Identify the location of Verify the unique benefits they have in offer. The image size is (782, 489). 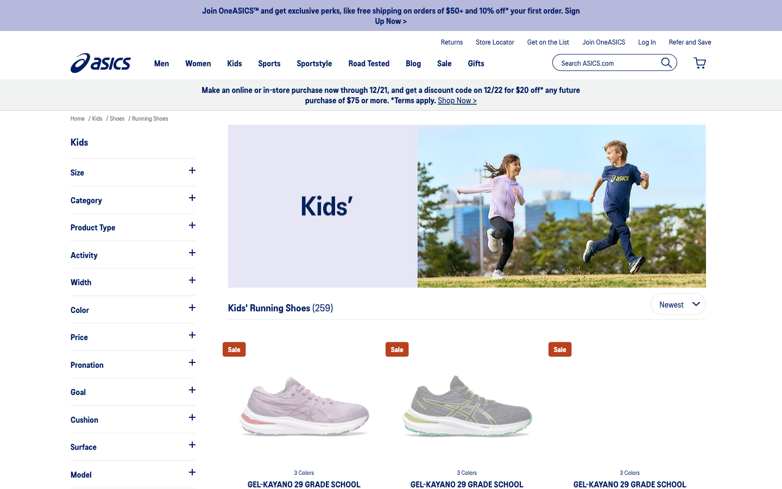
(391, 15).